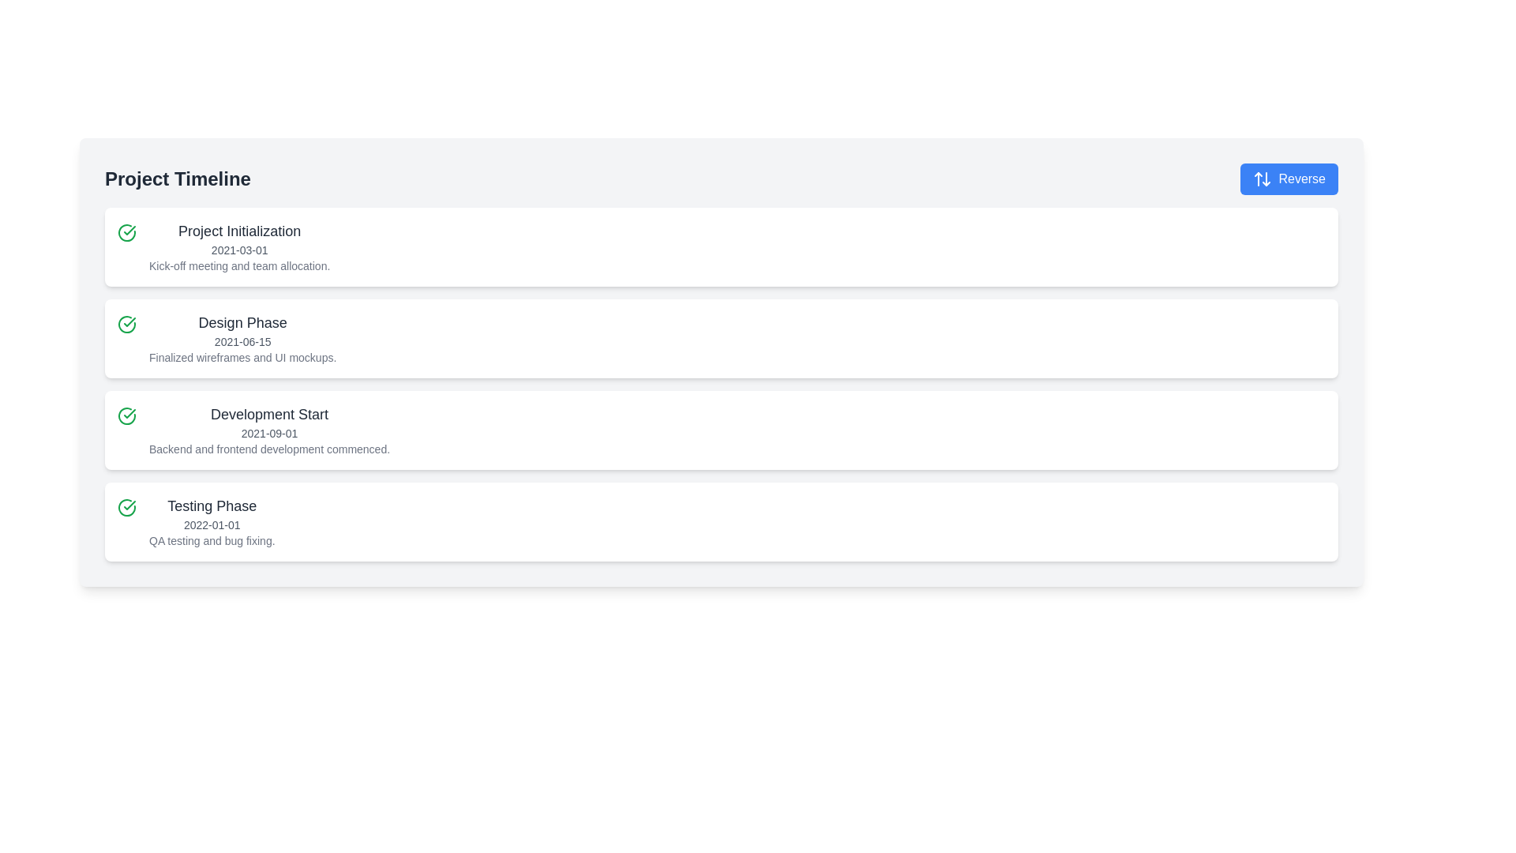 The width and height of the screenshot is (1516, 853). Describe the element at coordinates (269, 413) in the screenshot. I see `the text label that serves as a heading for the timeline event marking the start of the development phase, located above the date label '2021-09-01'` at that location.